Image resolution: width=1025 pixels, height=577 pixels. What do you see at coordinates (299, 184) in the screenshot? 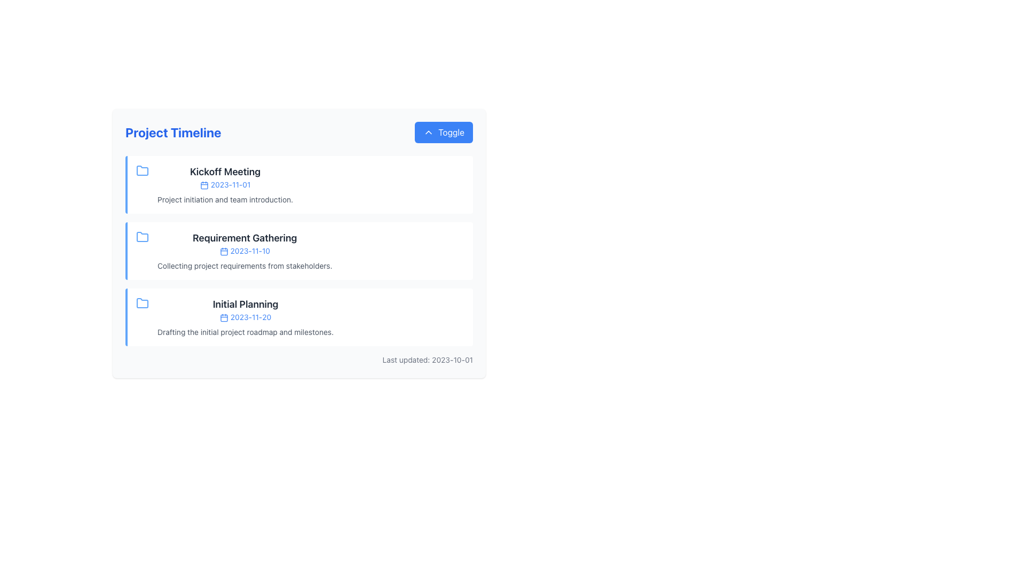
I see `the List Item displaying the meeting title 'Kickoff Meeting'` at bounding box center [299, 184].